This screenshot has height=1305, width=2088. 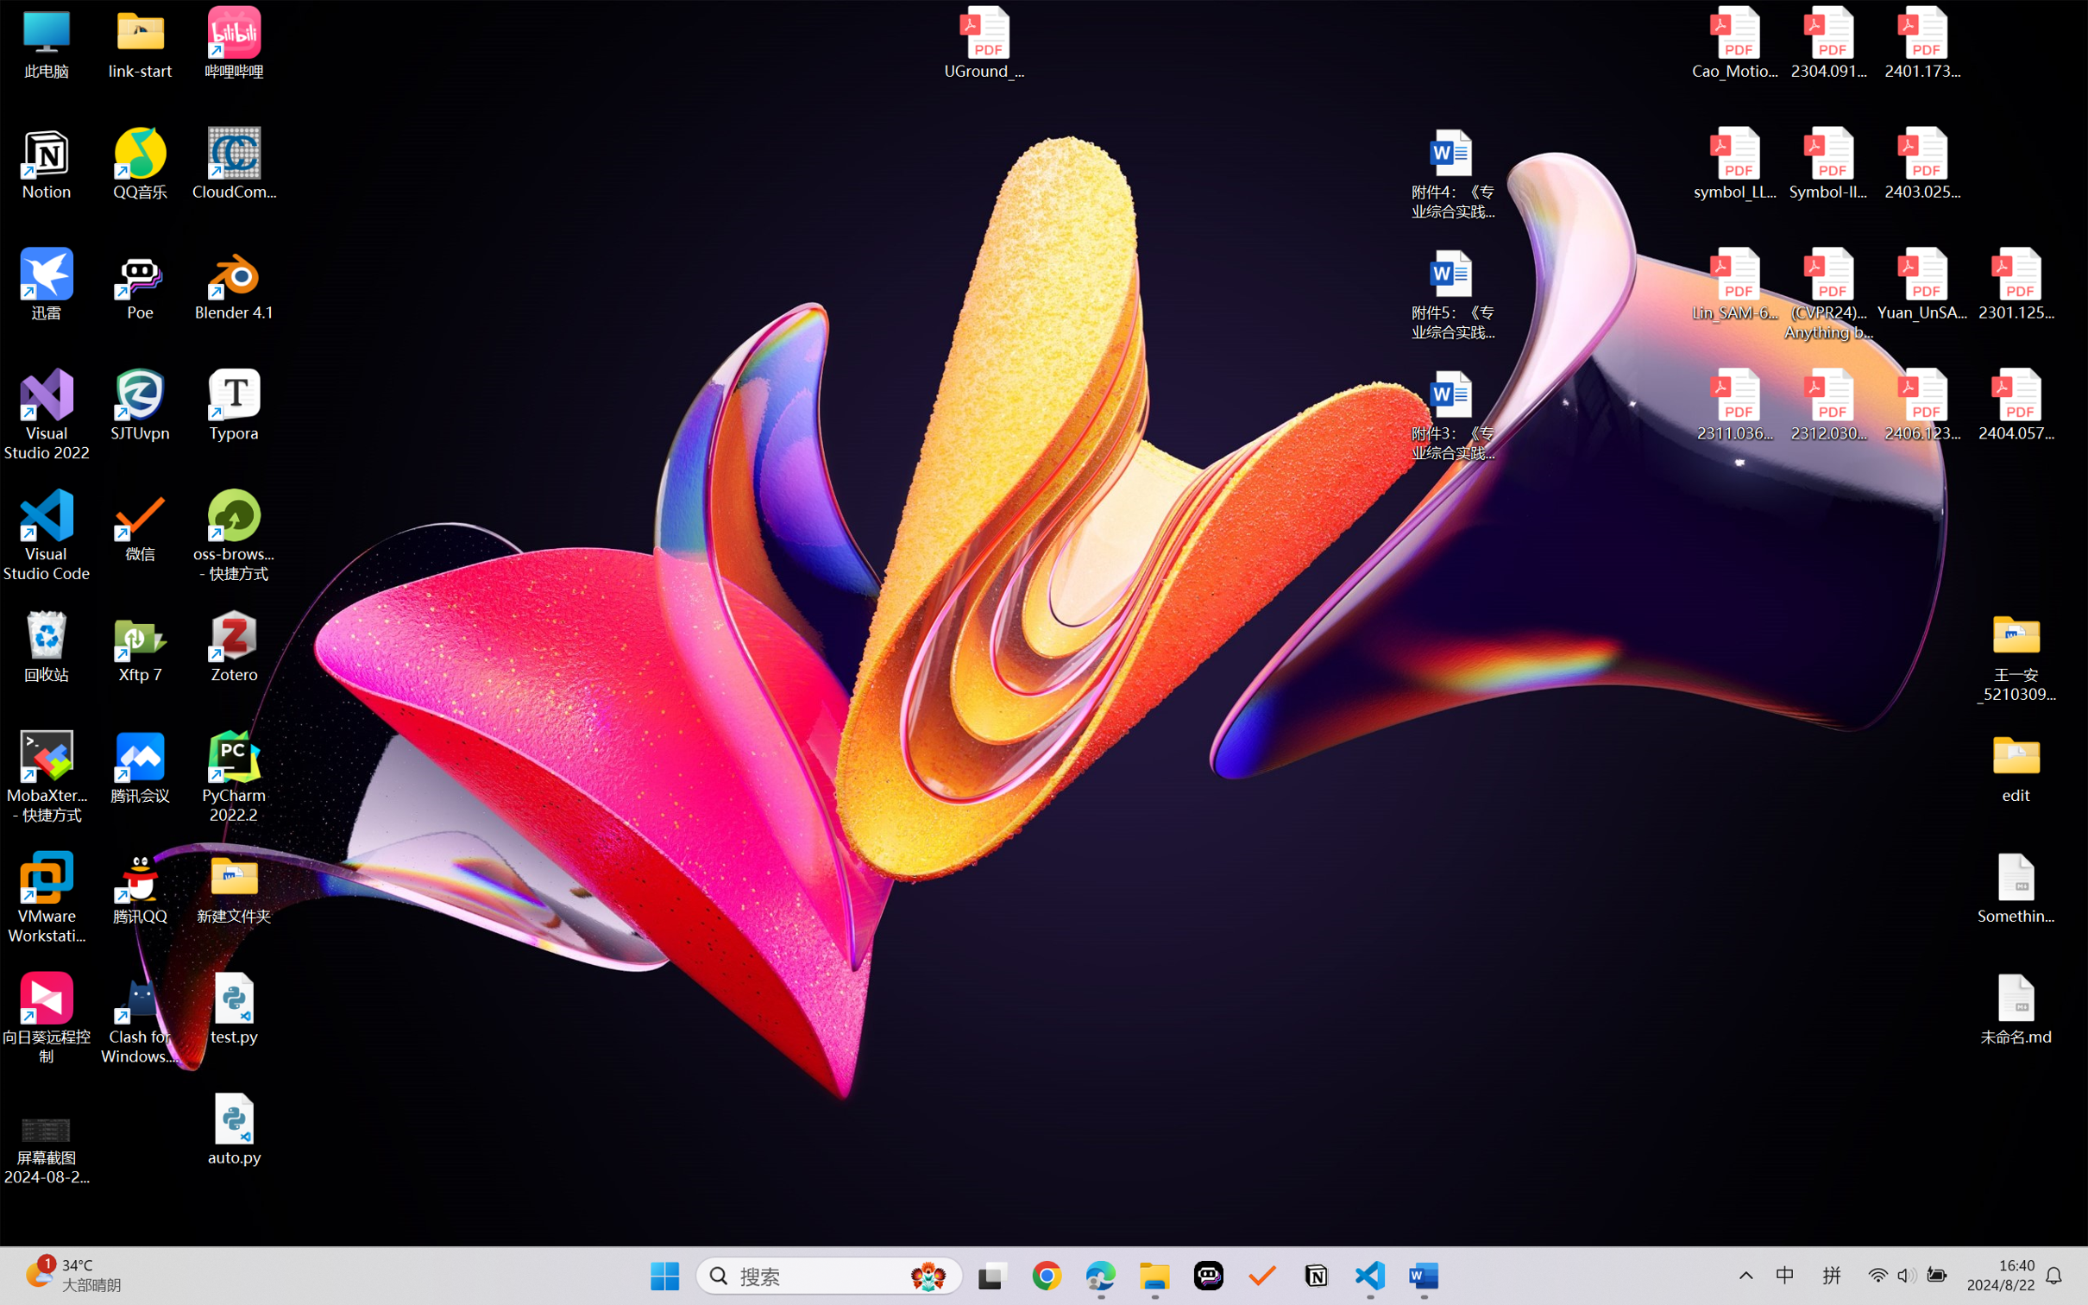 What do you see at coordinates (2015, 888) in the screenshot?
I see `'Something.md'` at bounding box center [2015, 888].